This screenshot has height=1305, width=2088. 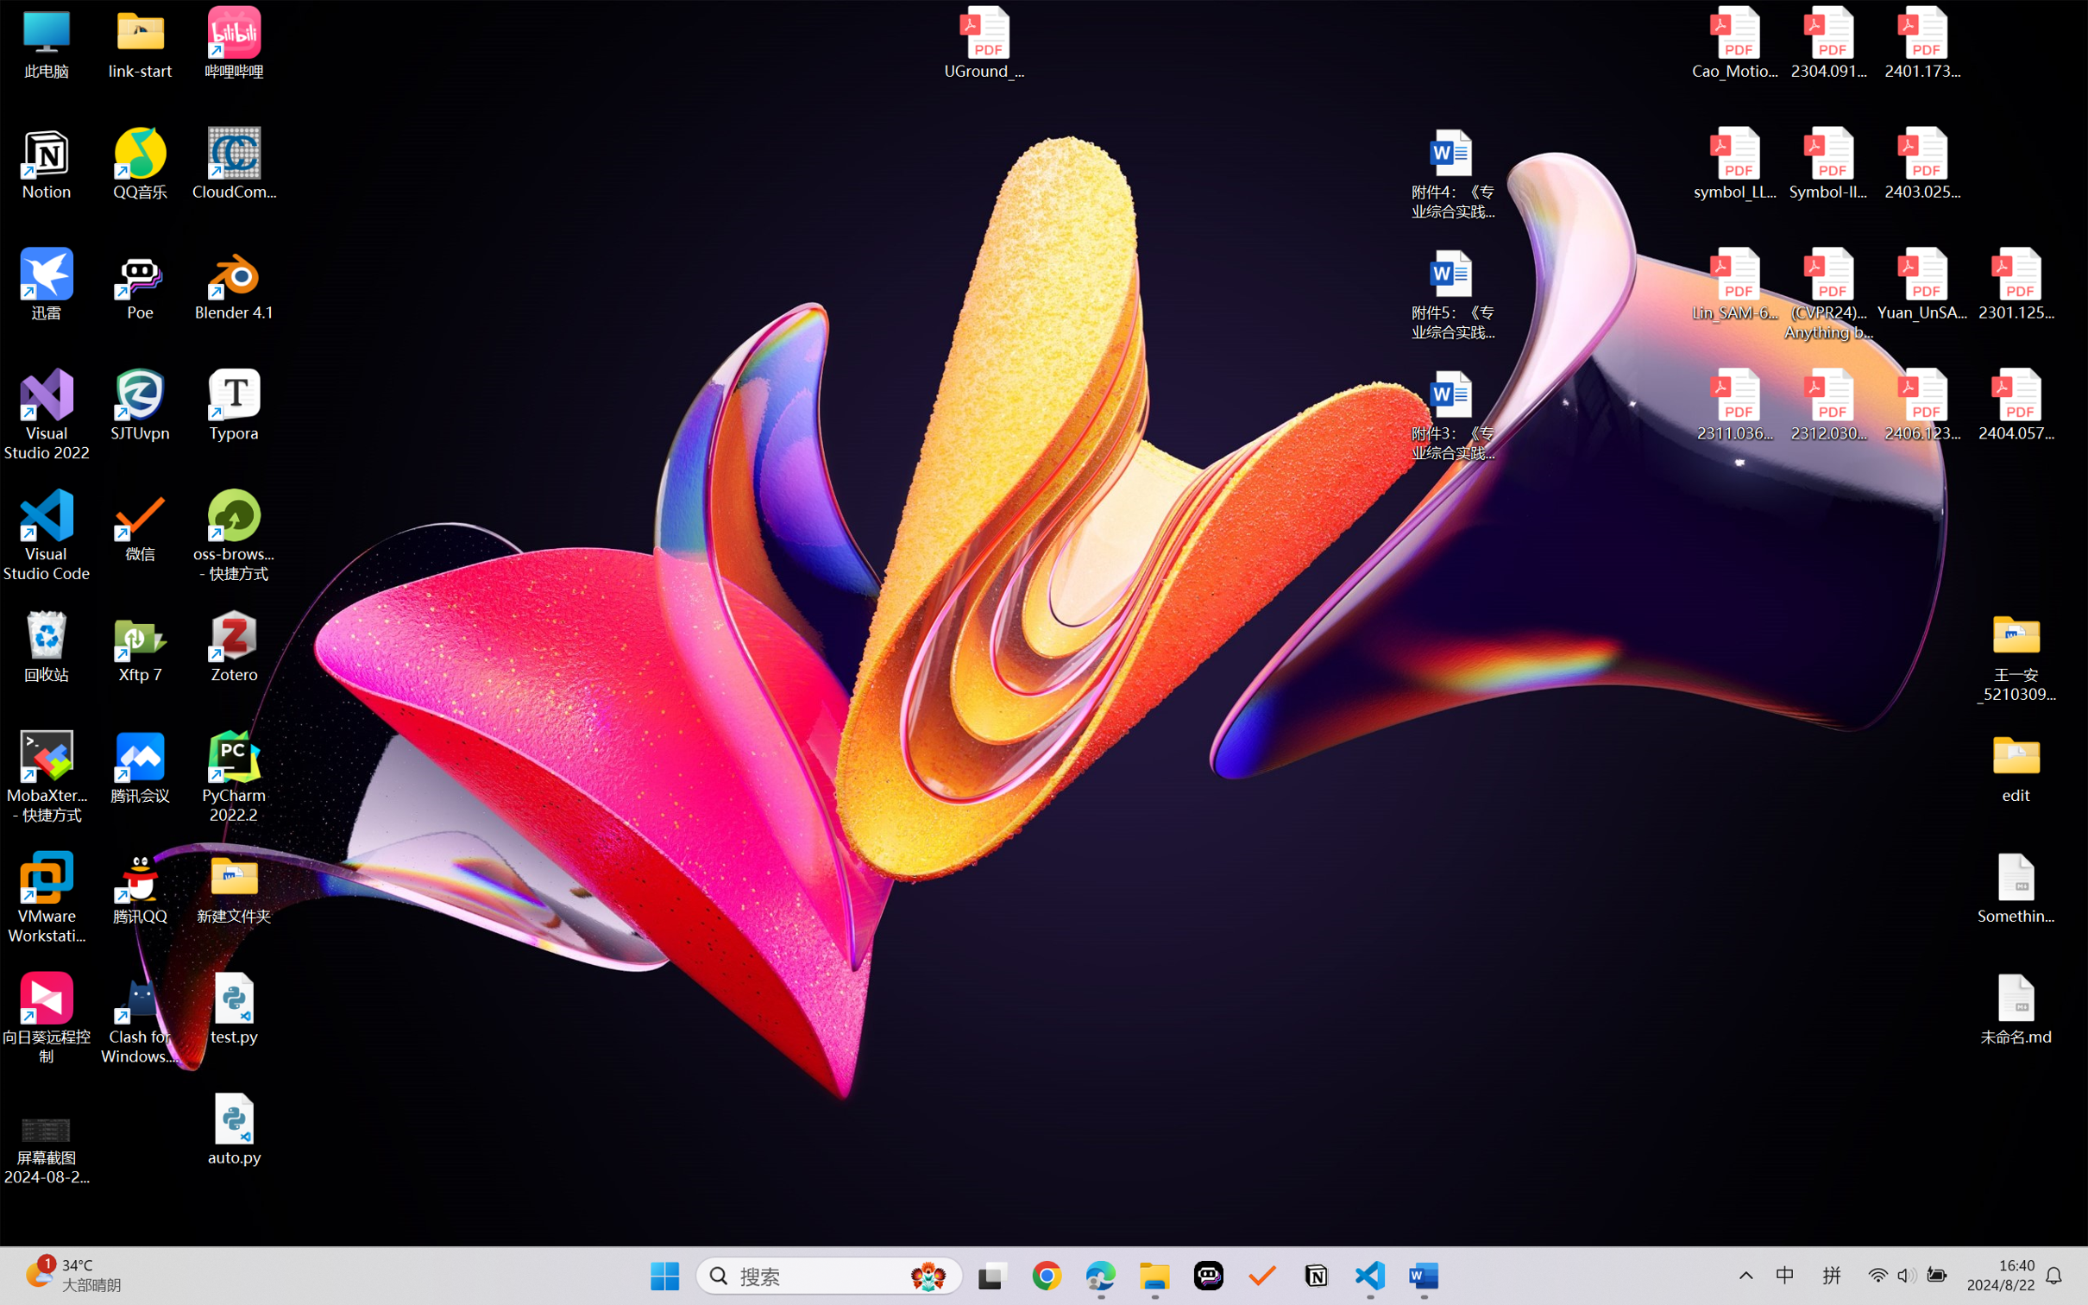 What do you see at coordinates (2015, 888) in the screenshot?
I see `'Something.md'` at bounding box center [2015, 888].